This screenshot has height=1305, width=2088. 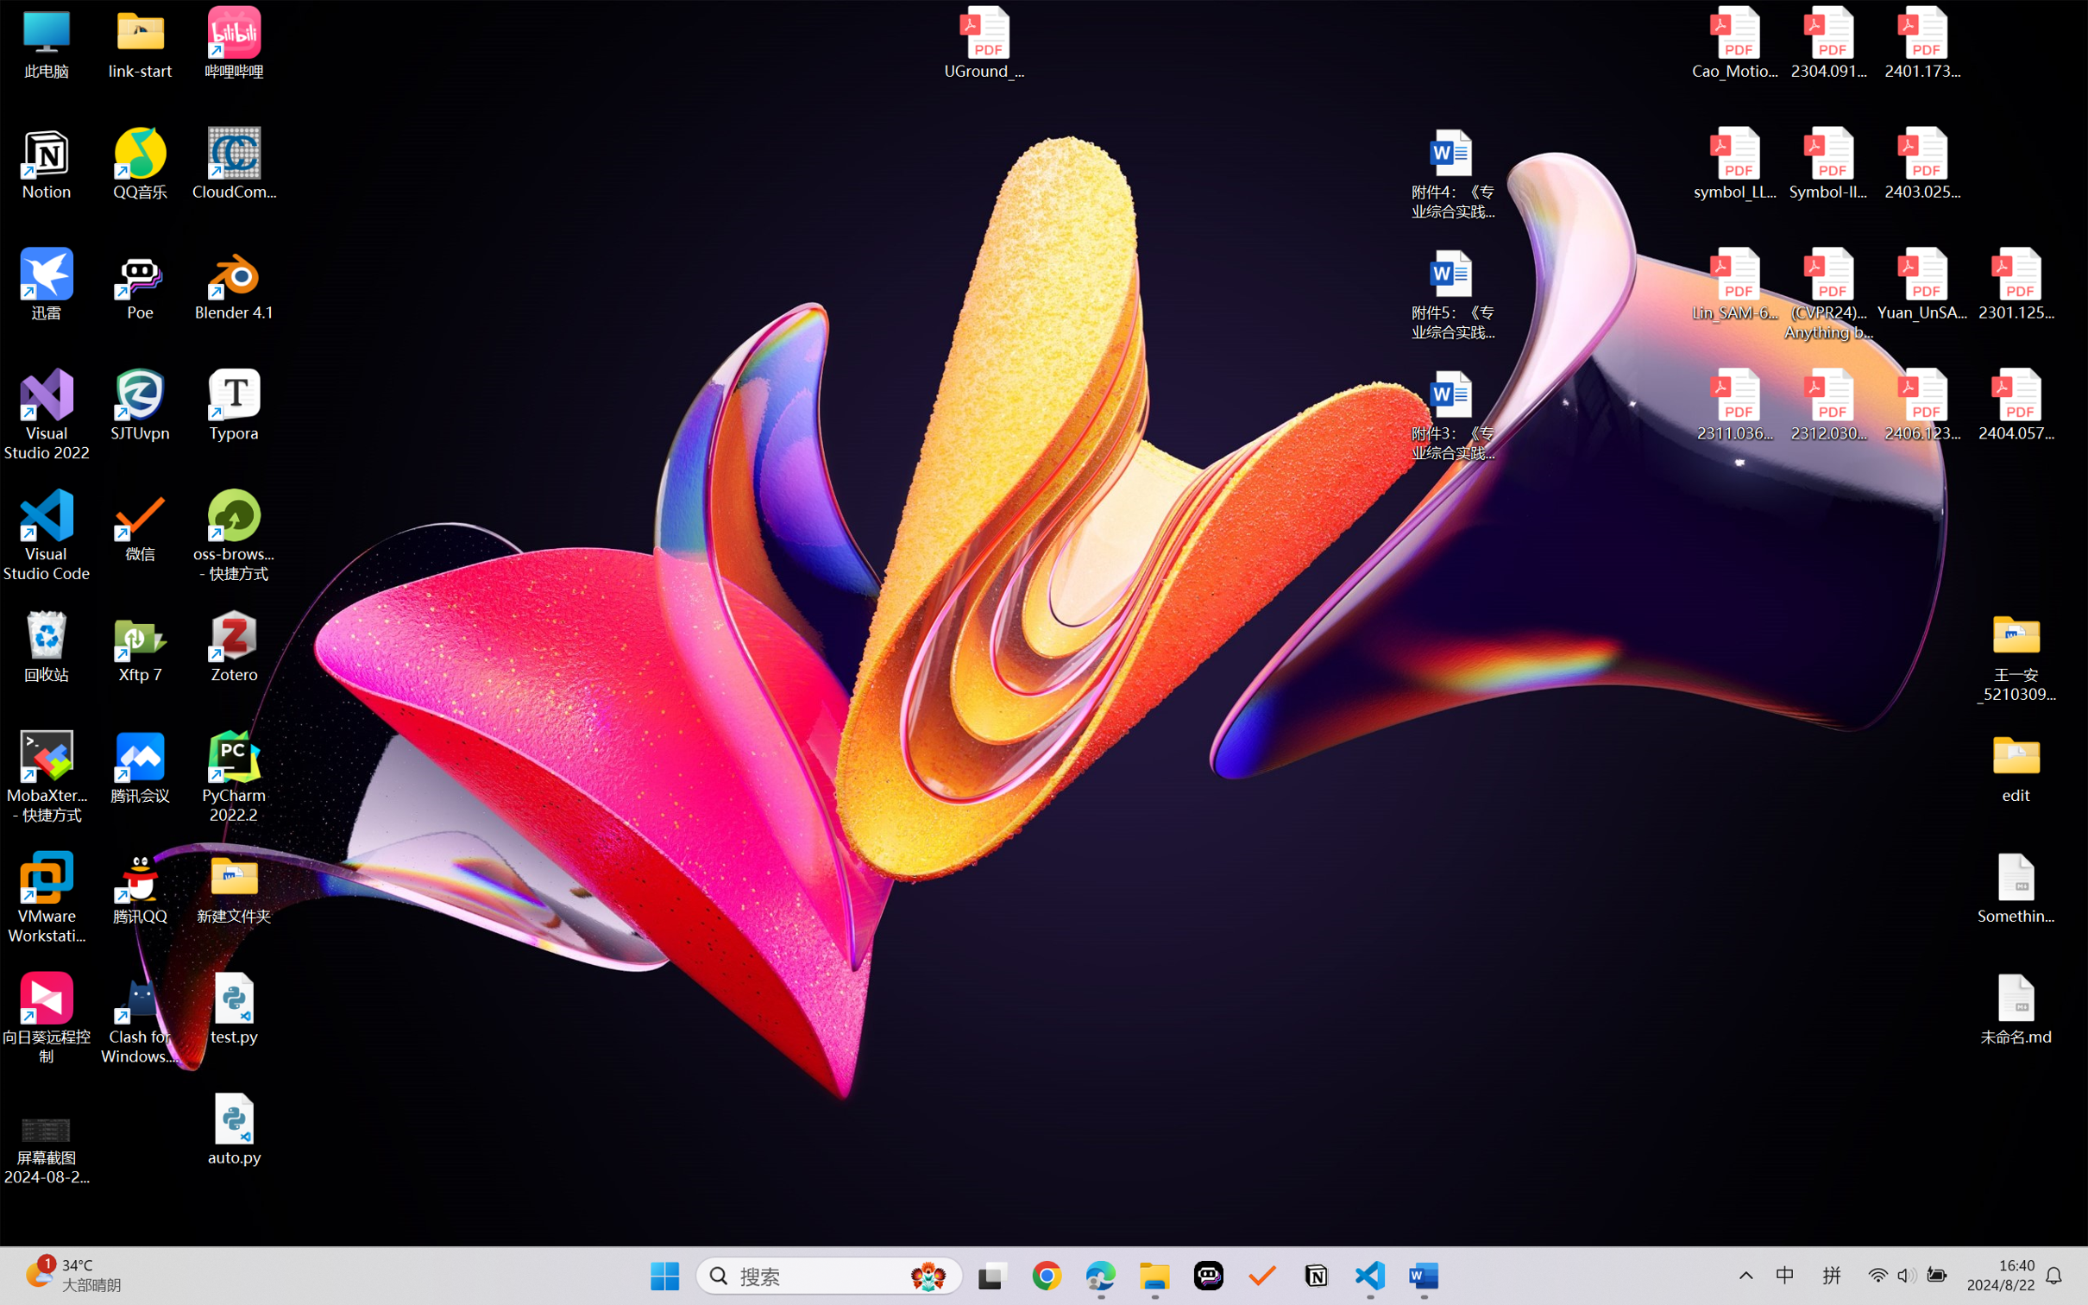 What do you see at coordinates (2015, 888) in the screenshot?
I see `'Something.md'` at bounding box center [2015, 888].